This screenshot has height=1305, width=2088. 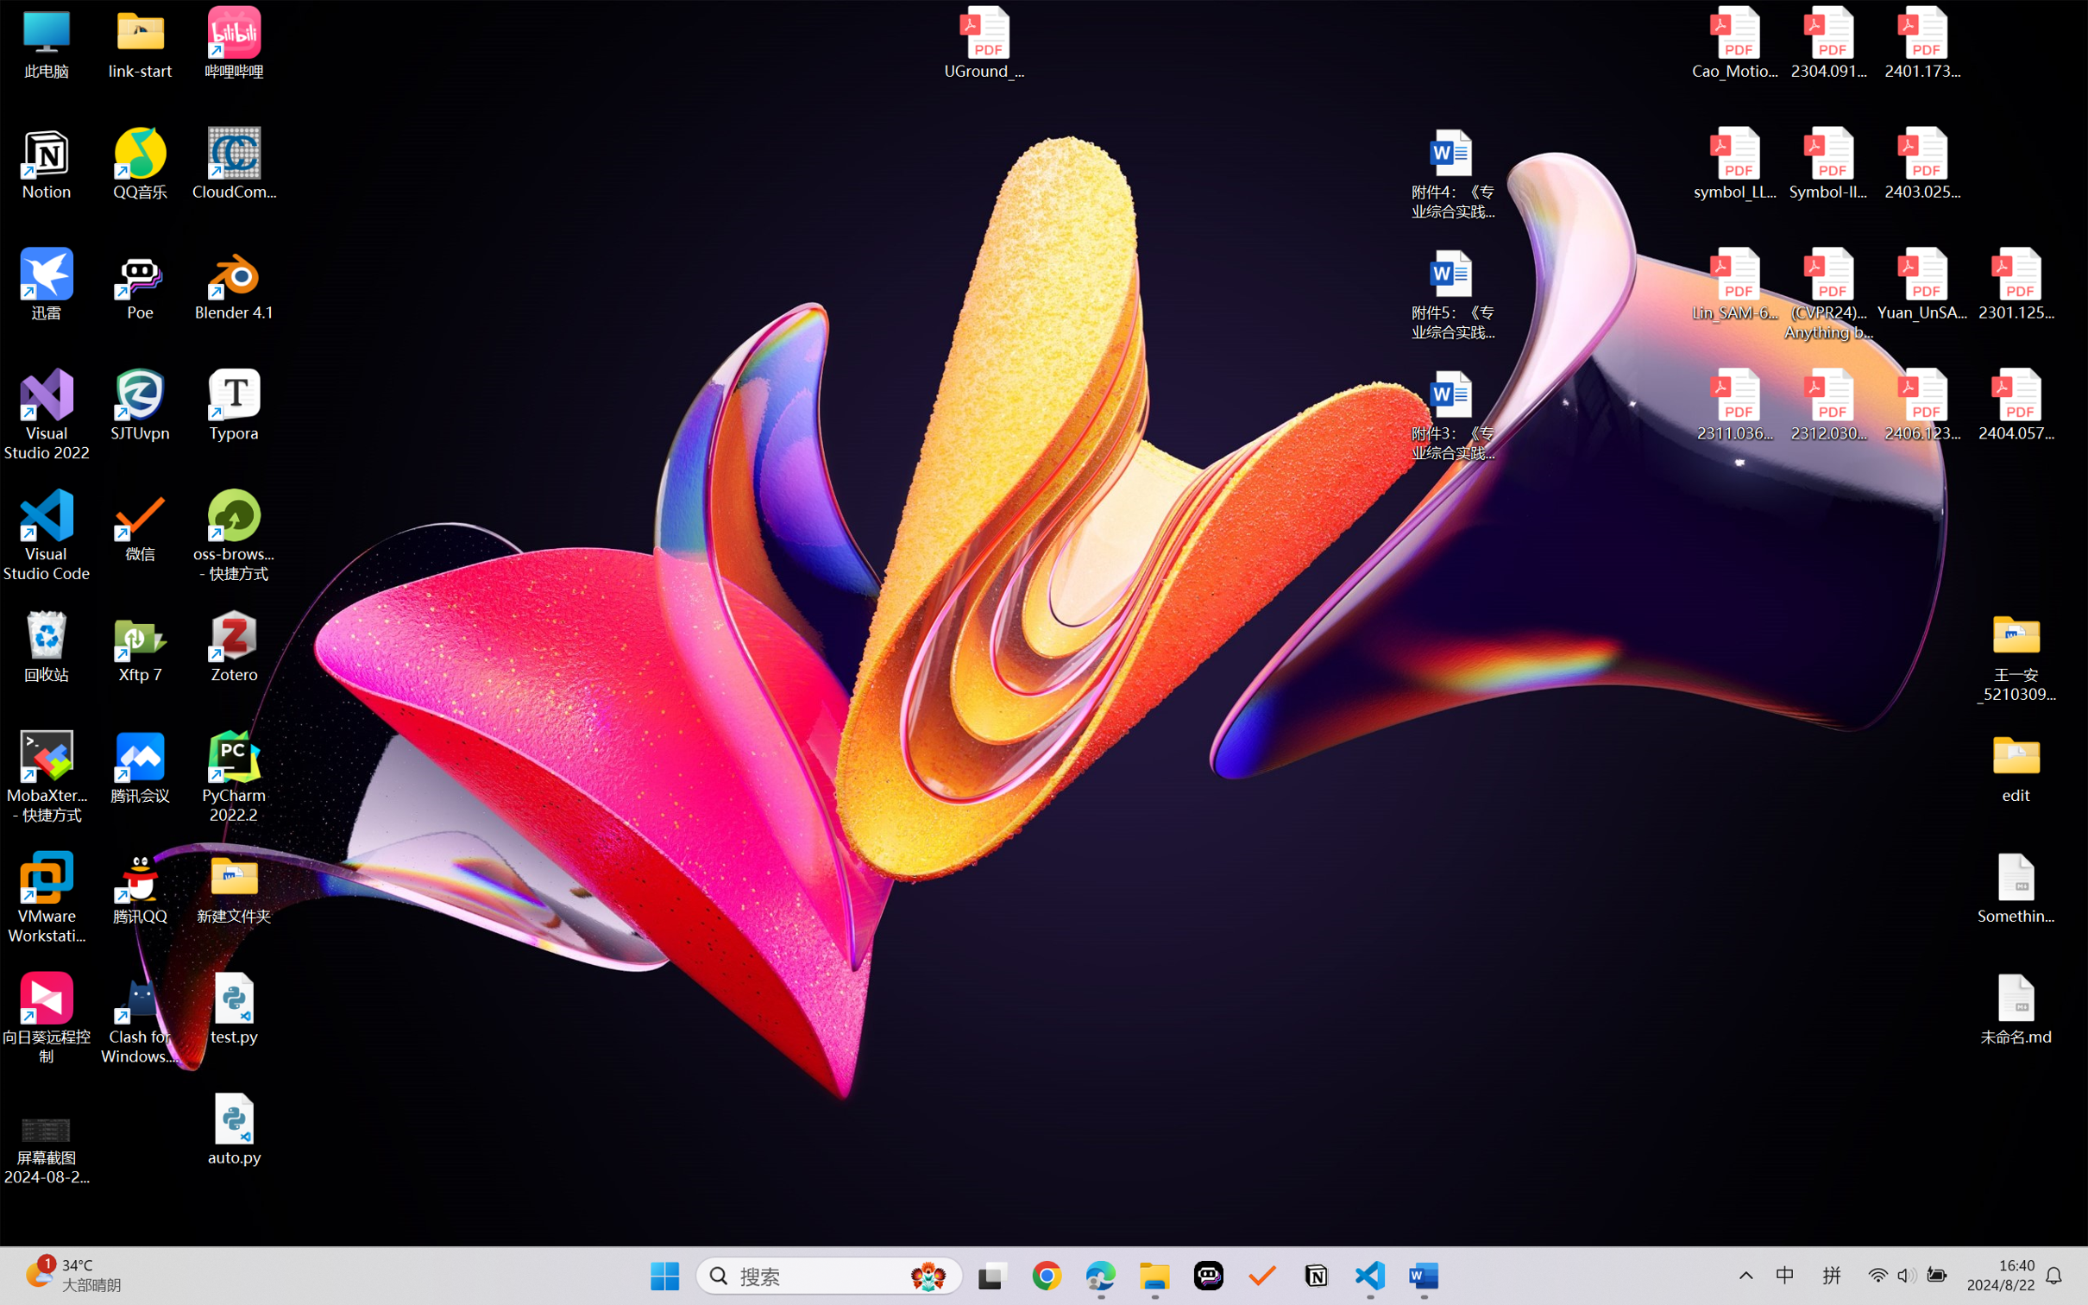 What do you see at coordinates (2015, 888) in the screenshot?
I see `'Something.md'` at bounding box center [2015, 888].